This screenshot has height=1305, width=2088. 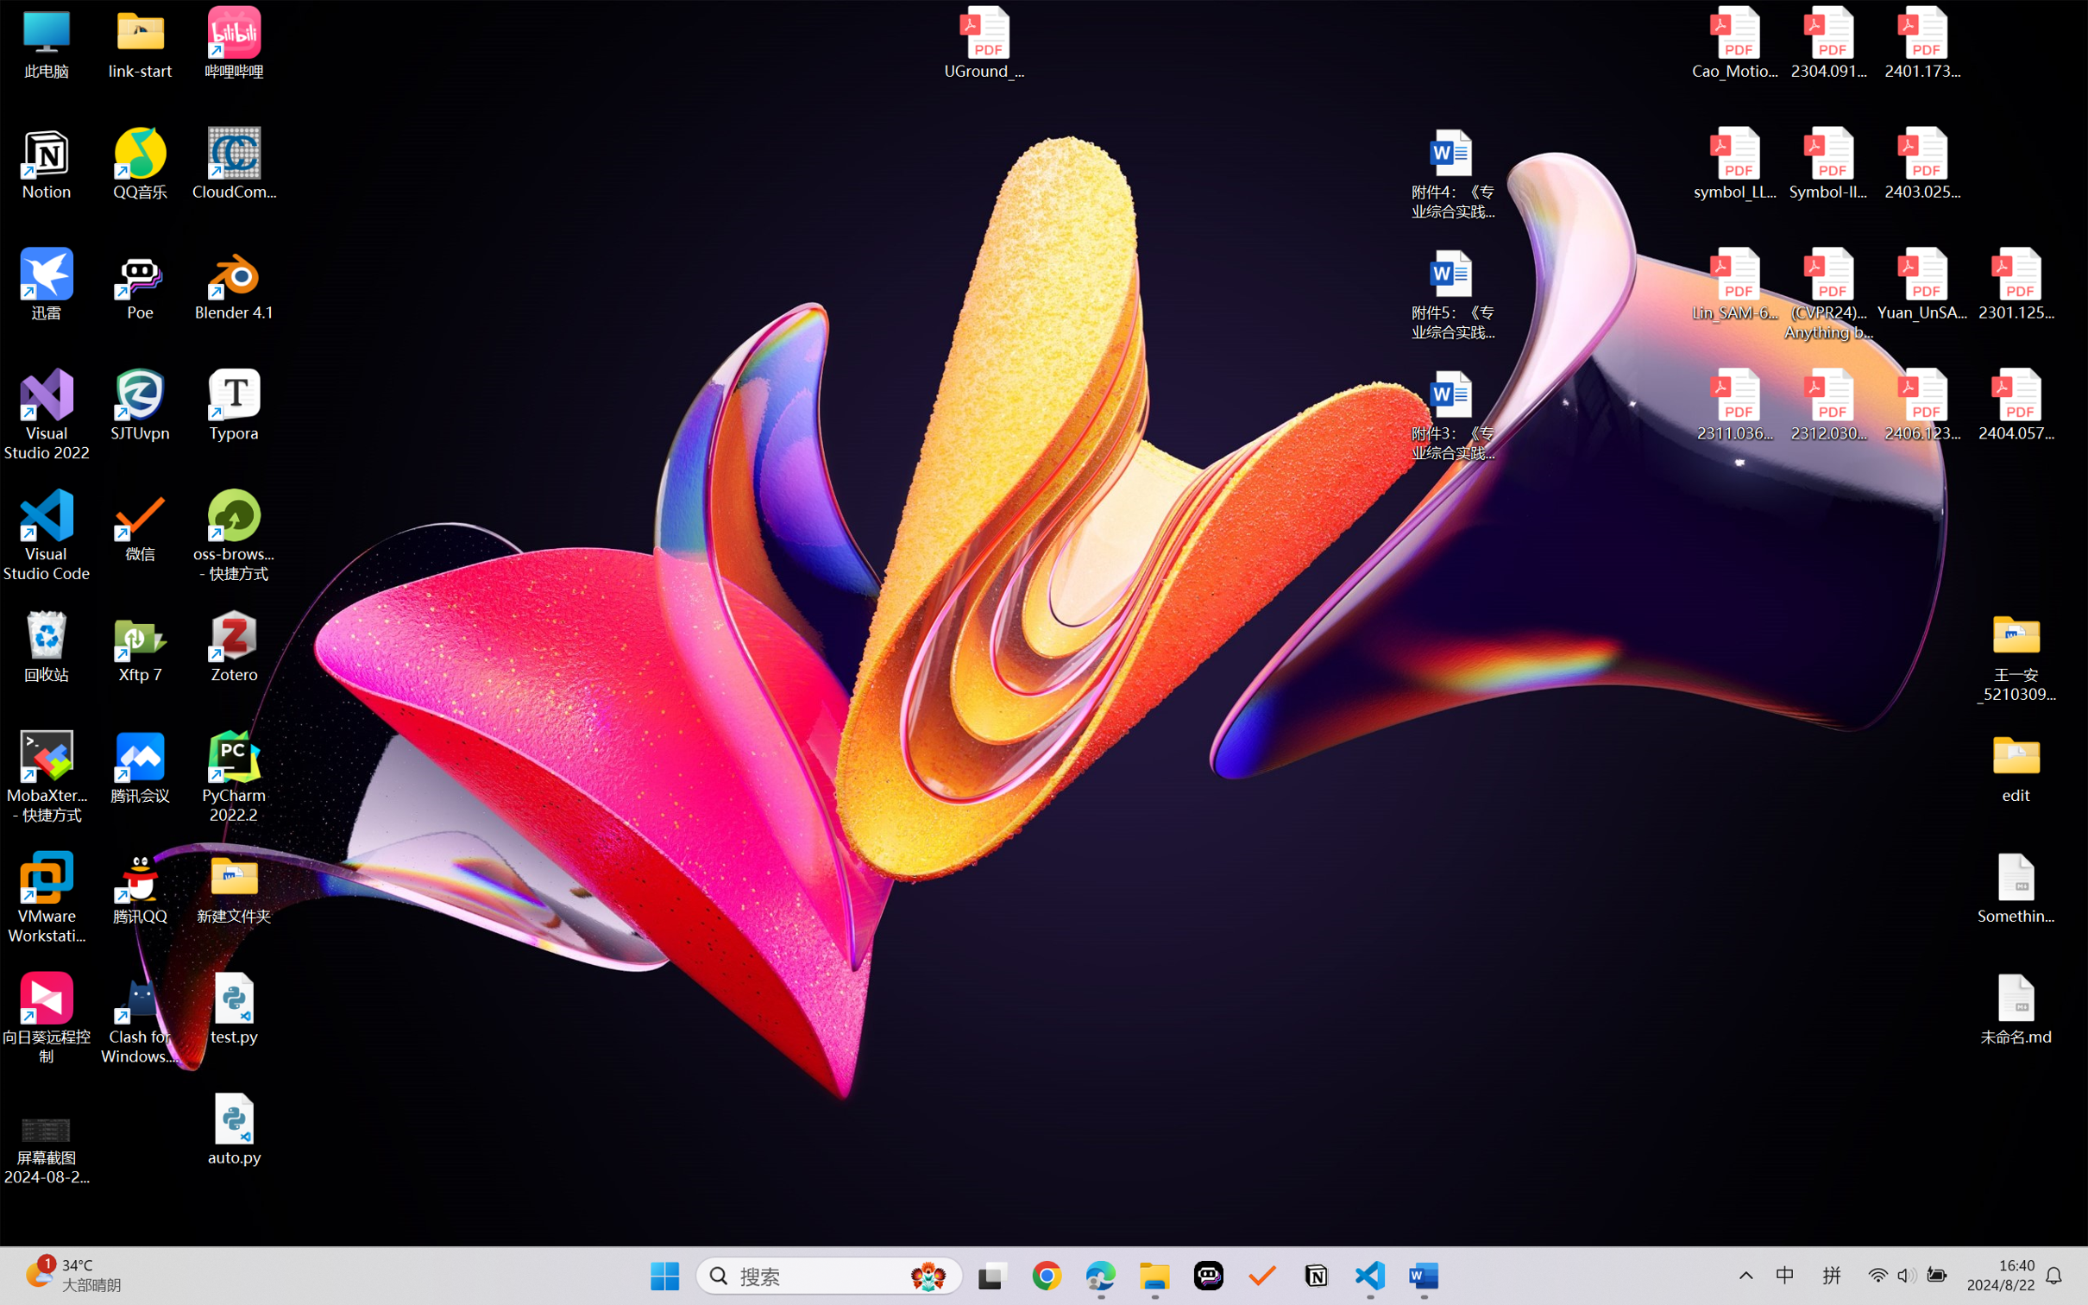 What do you see at coordinates (2015, 888) in the screenshot?
I see `'Something.md'` at bounding box center [2015, 888].